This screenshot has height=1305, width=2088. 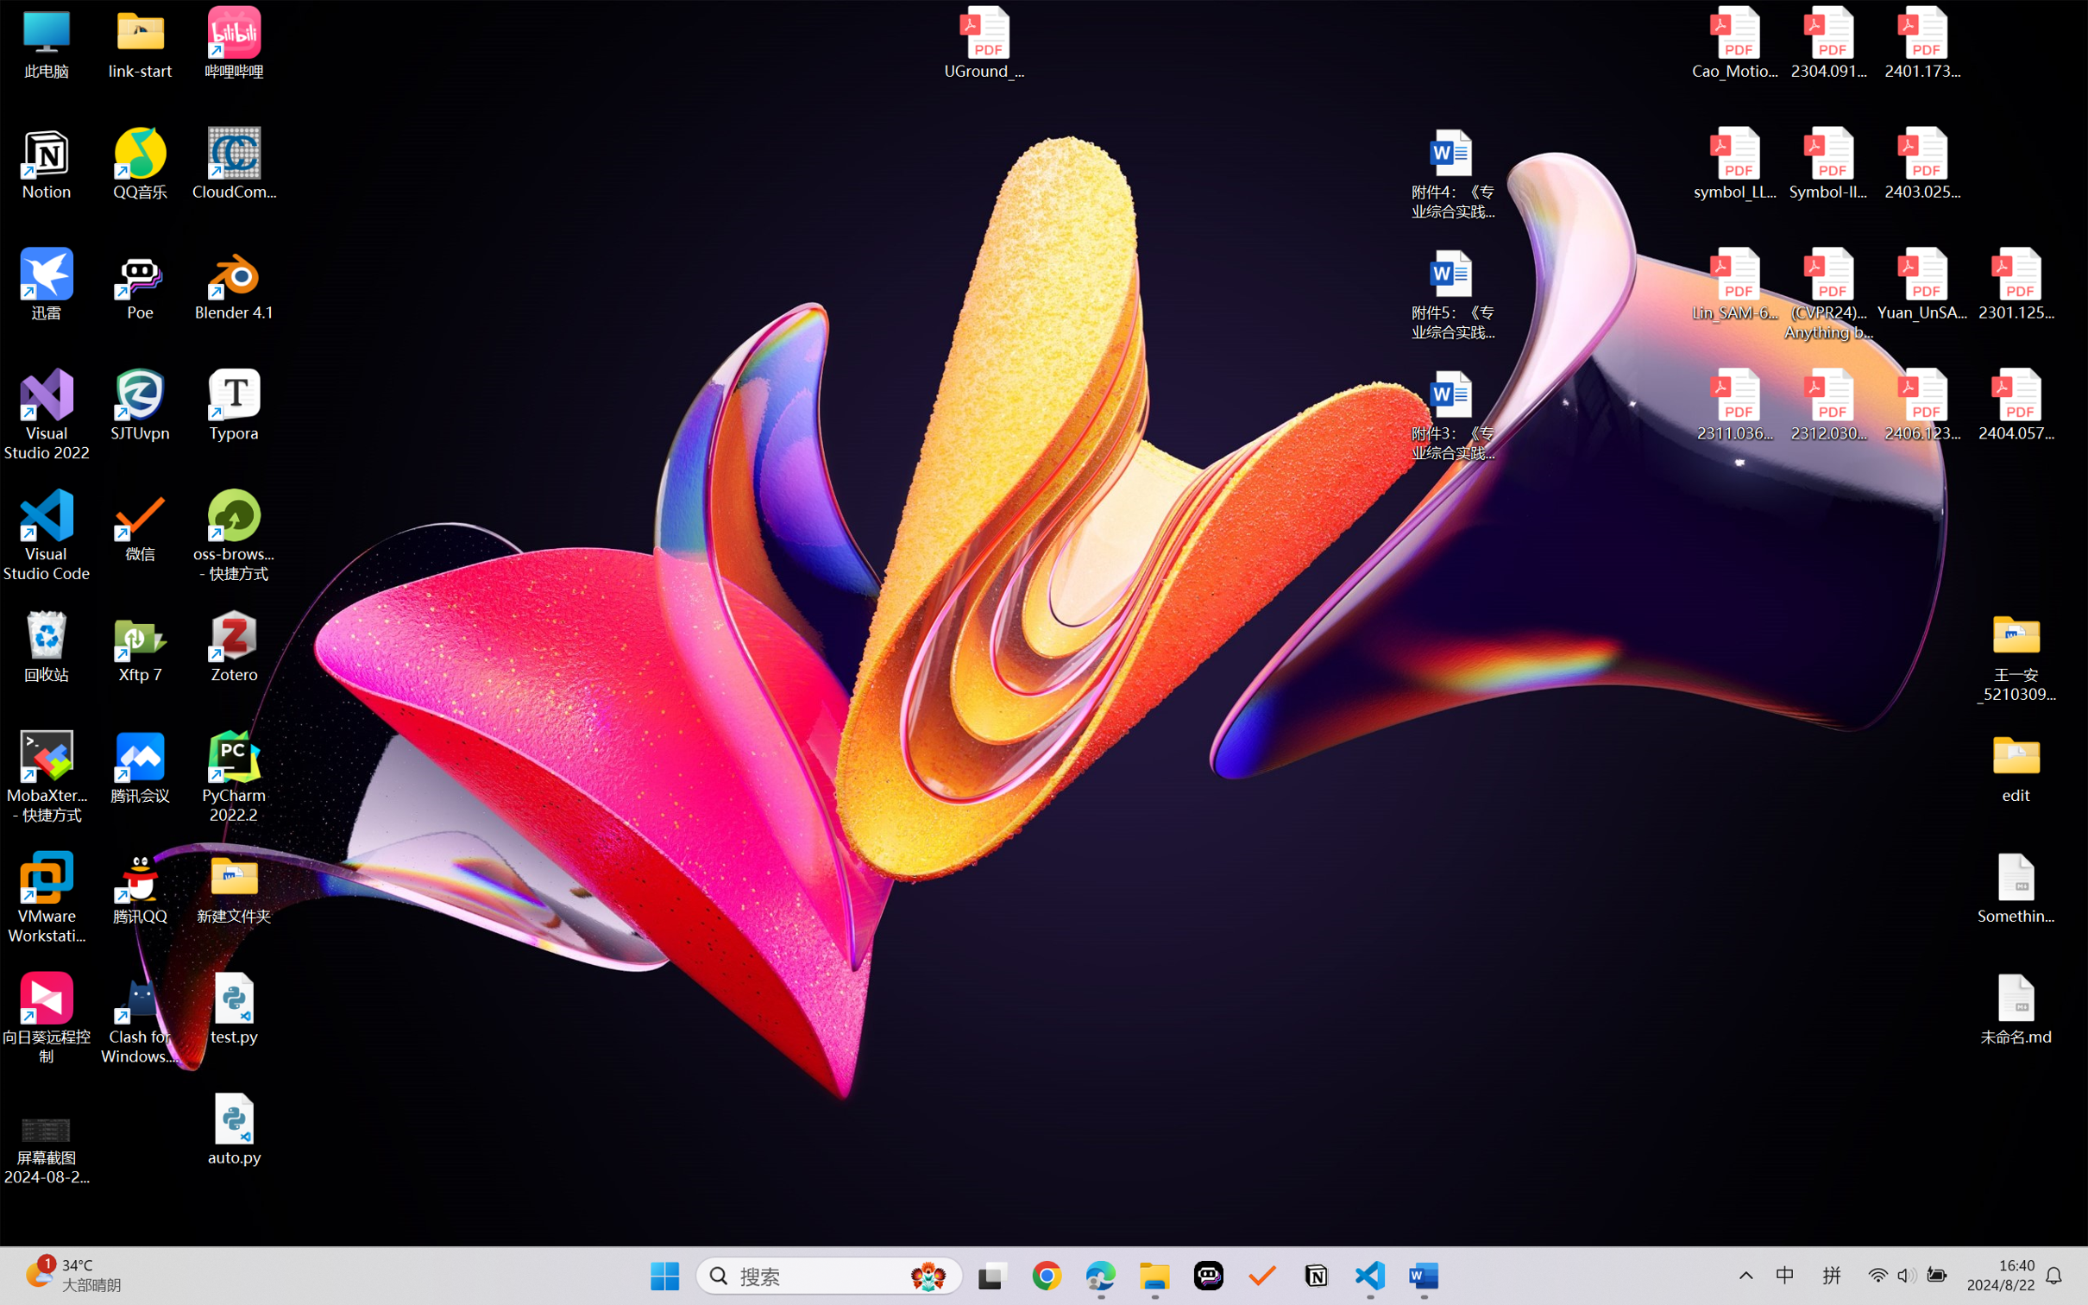 What do you see at coordinates (2015, 888) in the screenshot?
I see `'Something.md'` at bounding box center [2015, 888].